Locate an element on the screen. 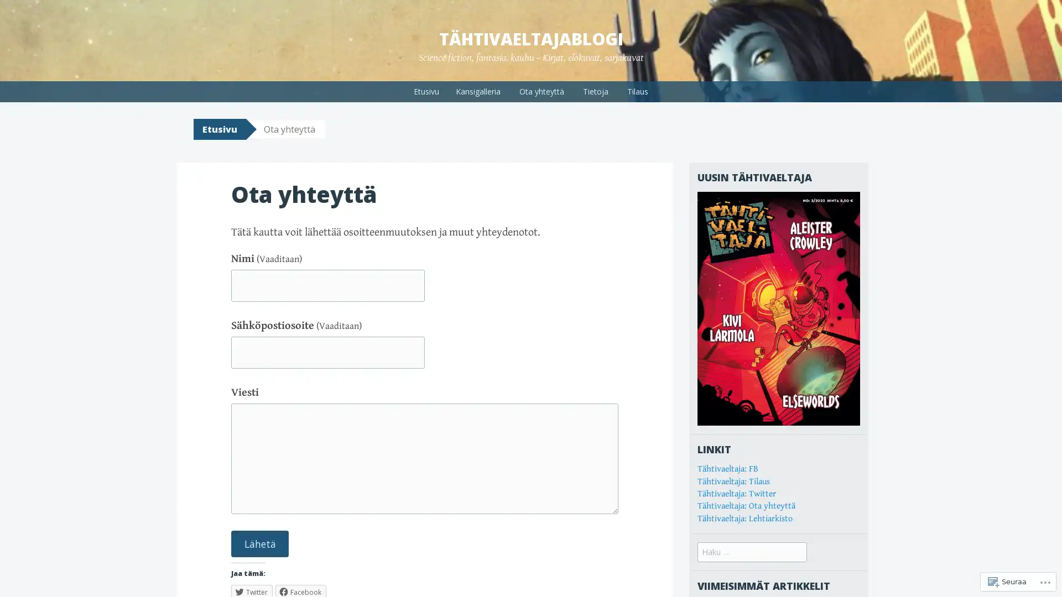 The width and height of the screenshot is (1062, 597). Laheta is located at coordinates (259, 543).